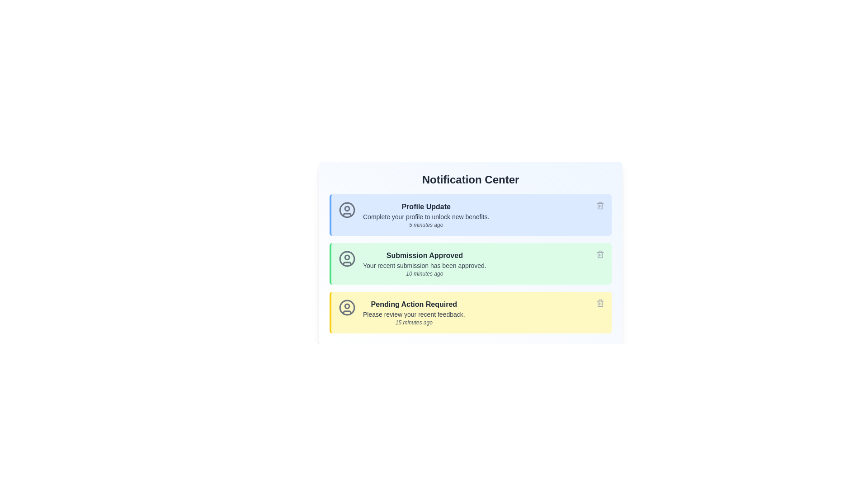 The height and width of the screenshot is (488, 868). Describe the element at coordinates (470, 179) in the screenshot. I see `the 'Notification Center' heading, which is a bold, large-font text in dark gray color located at the top of the notification area` at that location.